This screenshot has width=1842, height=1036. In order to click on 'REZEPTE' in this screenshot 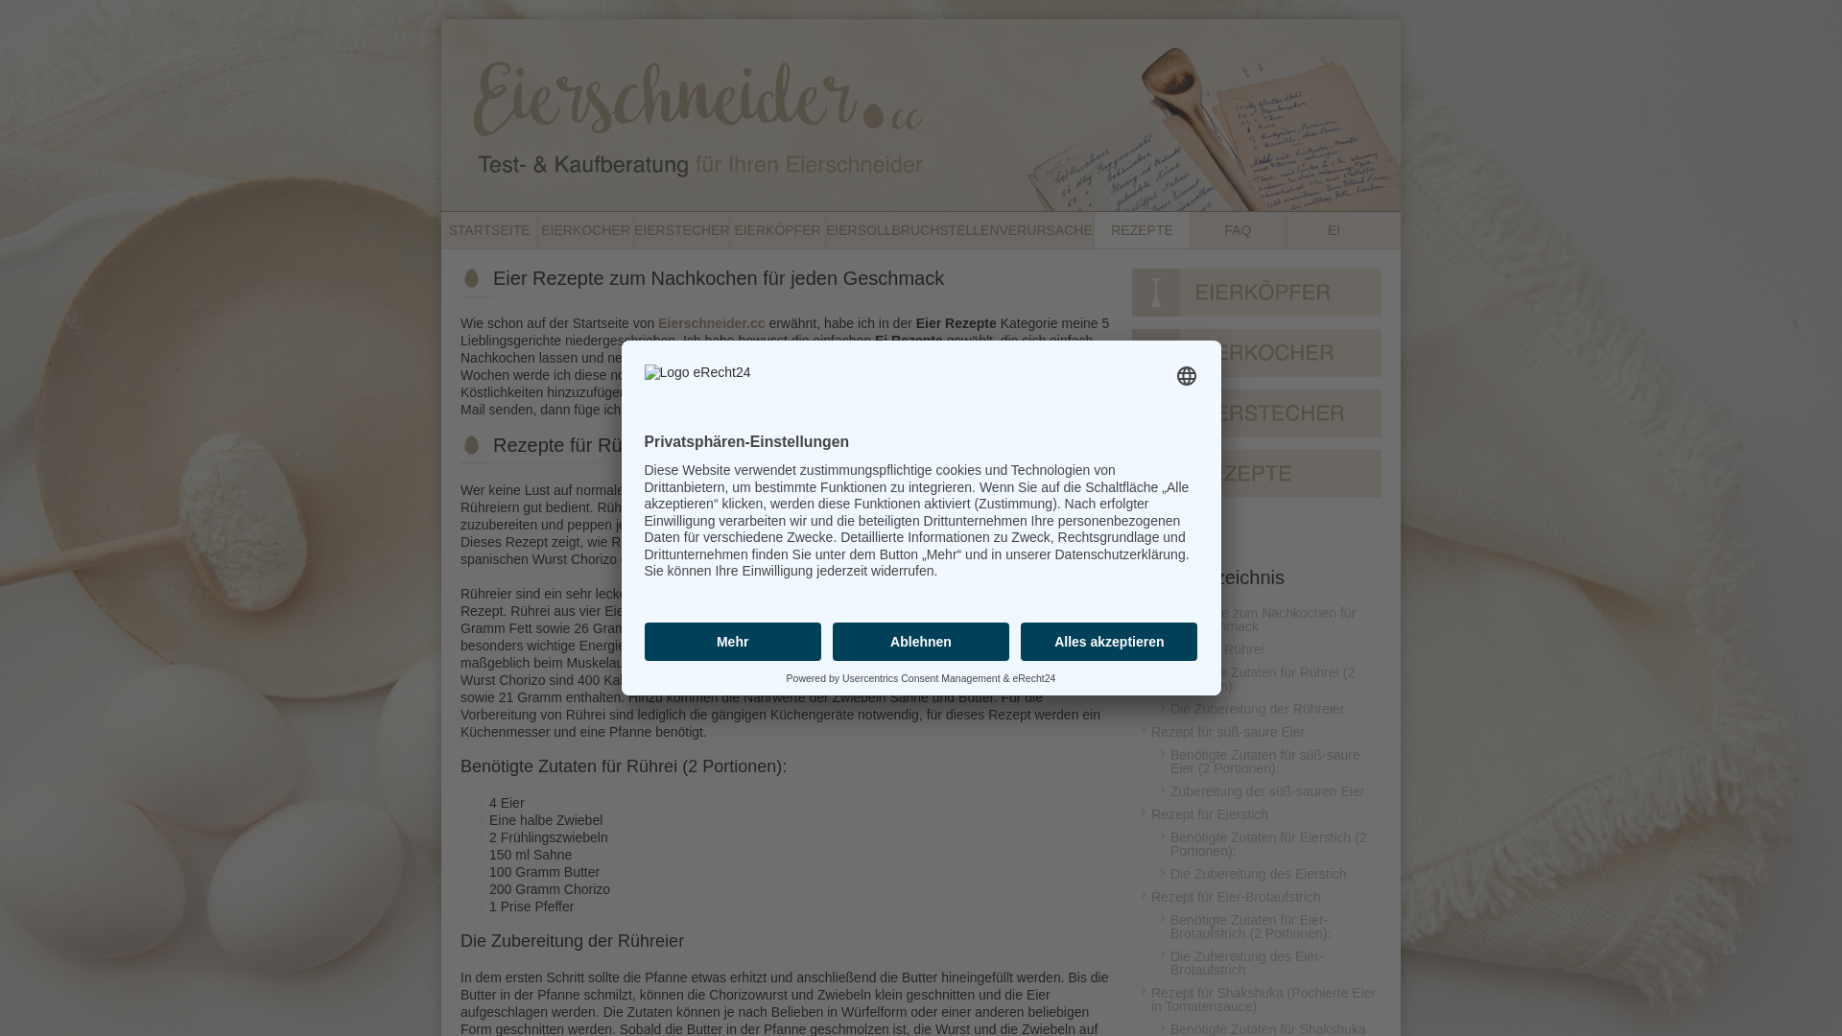, I will do `click(1142, 228)`.